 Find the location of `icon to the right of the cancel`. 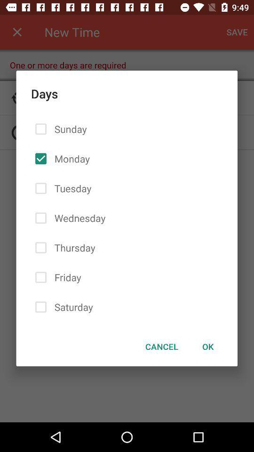

icon to the right of the cancel is located at coordinates (208, 346).